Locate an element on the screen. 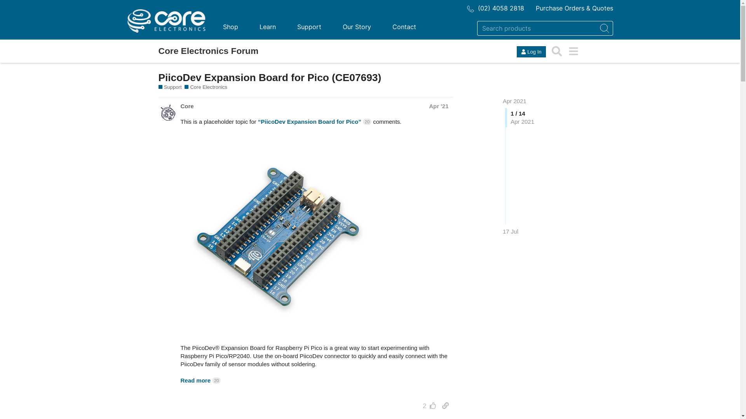 This screenshot has height=419, width=746. 'Shop' is located at coordinates (230, 26).